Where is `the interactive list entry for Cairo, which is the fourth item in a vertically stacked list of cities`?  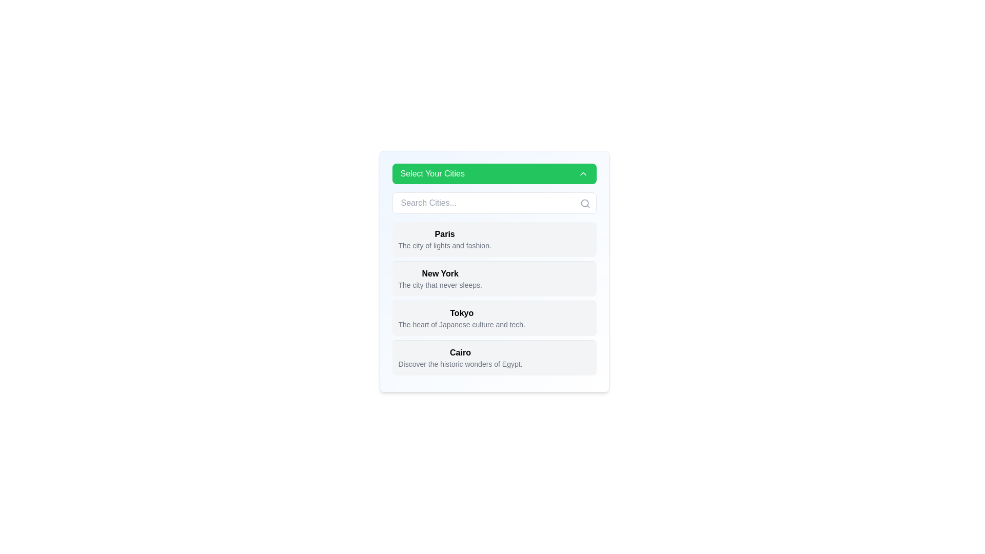
the interactive list entry for Cairo, which is the fourth item in a vertically stacked list of cities is located at coordinates (460, 358).